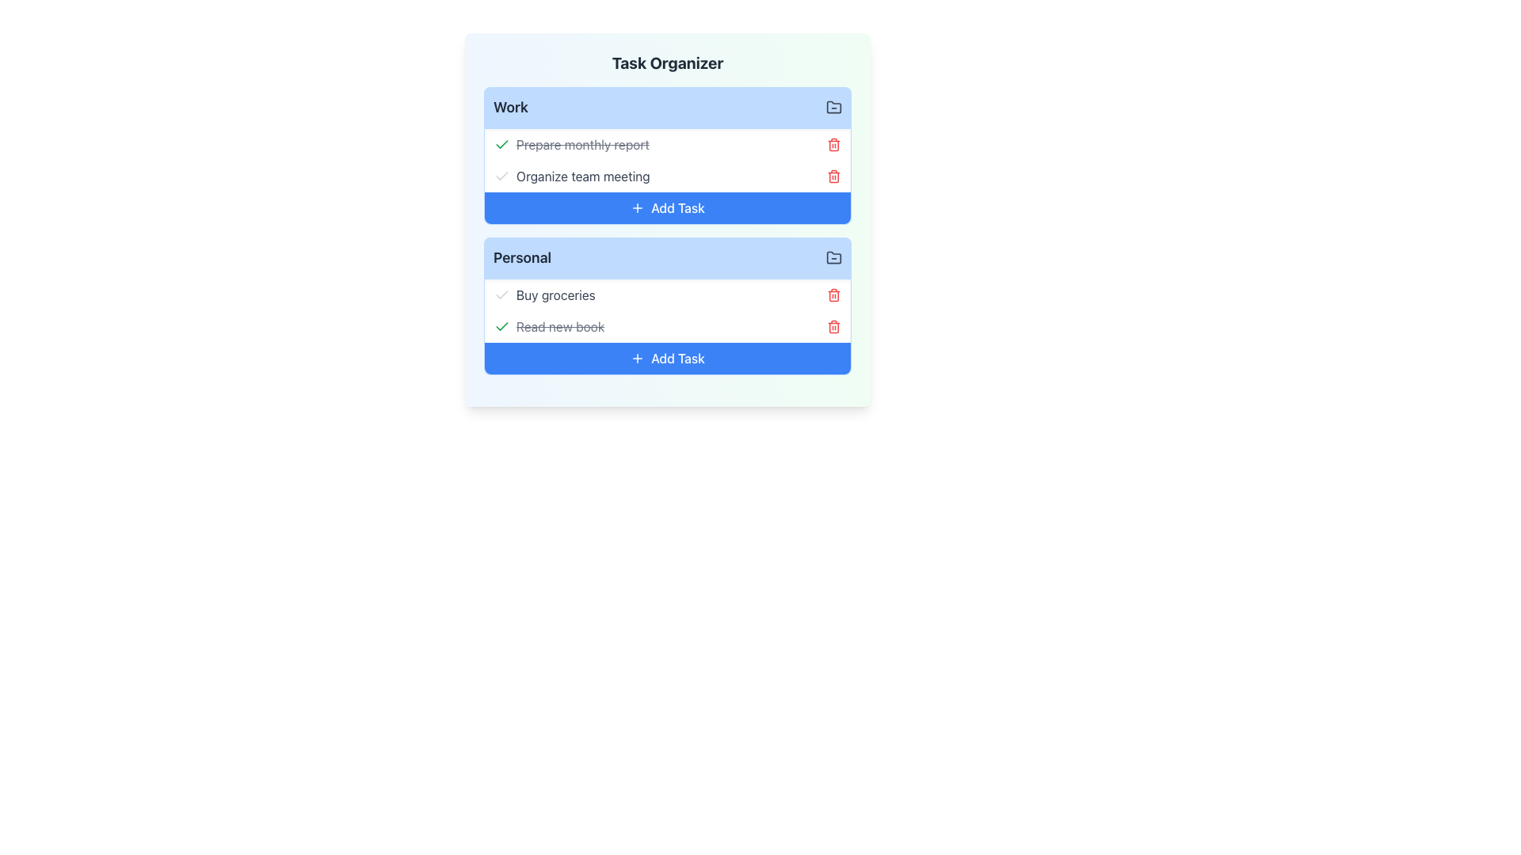 The image size is (1521, 855). Describe the element at coordinates (510, 107) in the screenshot. I see `the text label that reads 'Work', which is bold, dark gray, and located on a light blue background, serving as the heading of a section` at that location.